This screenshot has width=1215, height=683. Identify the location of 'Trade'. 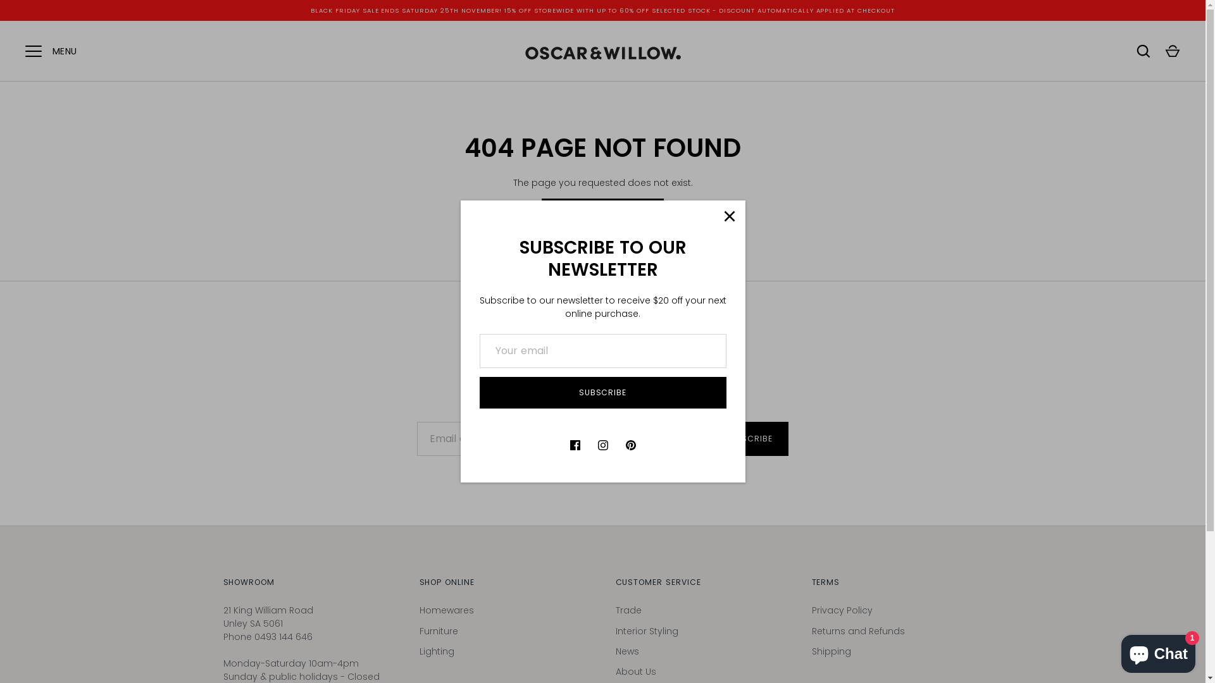
(628, 609).